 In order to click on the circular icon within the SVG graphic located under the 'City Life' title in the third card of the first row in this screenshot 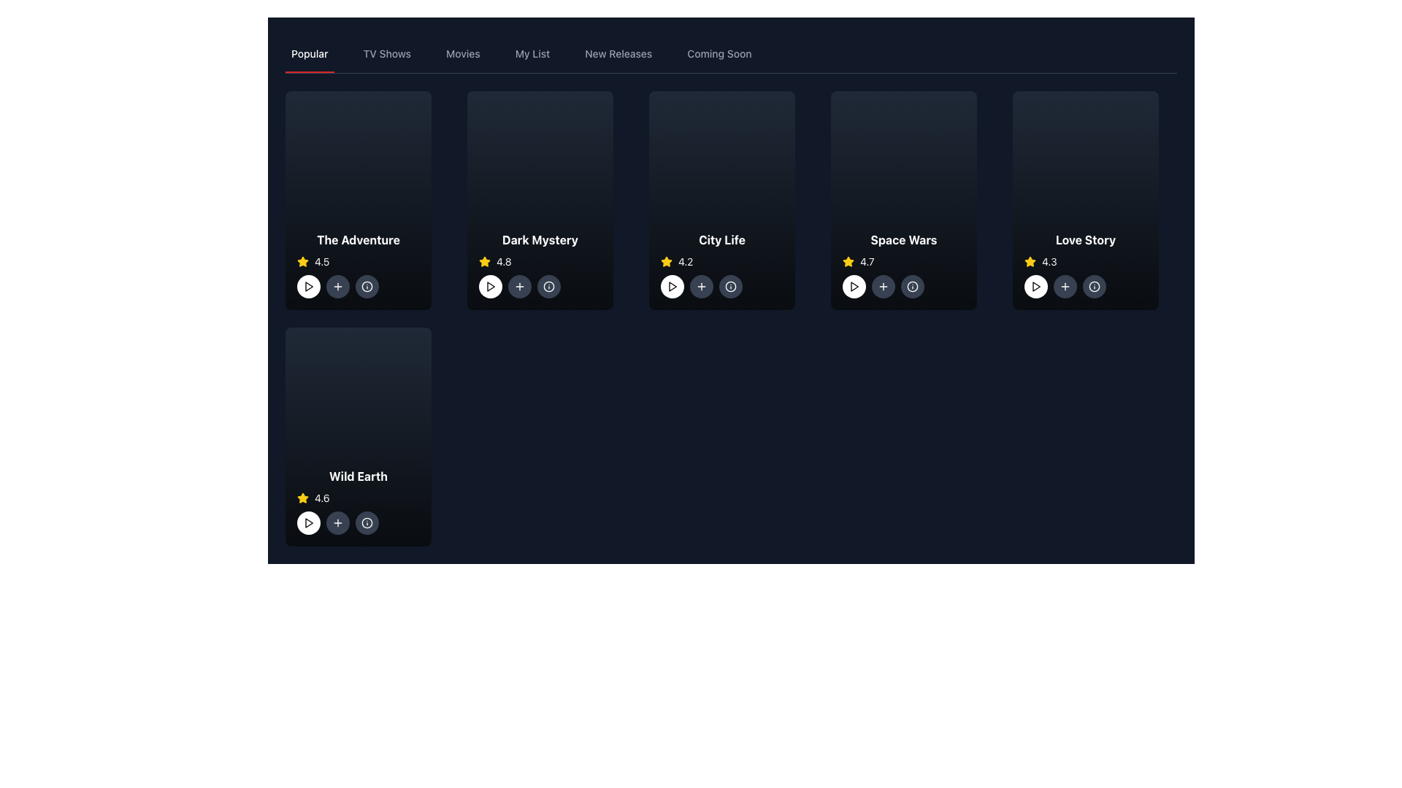, I will do `click(731, 287)`.